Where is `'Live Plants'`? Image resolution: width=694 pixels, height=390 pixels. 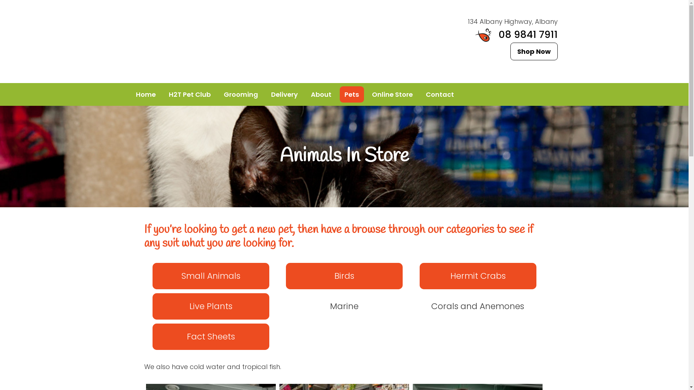 'Live Plants' is located at coordinates (210, 306).